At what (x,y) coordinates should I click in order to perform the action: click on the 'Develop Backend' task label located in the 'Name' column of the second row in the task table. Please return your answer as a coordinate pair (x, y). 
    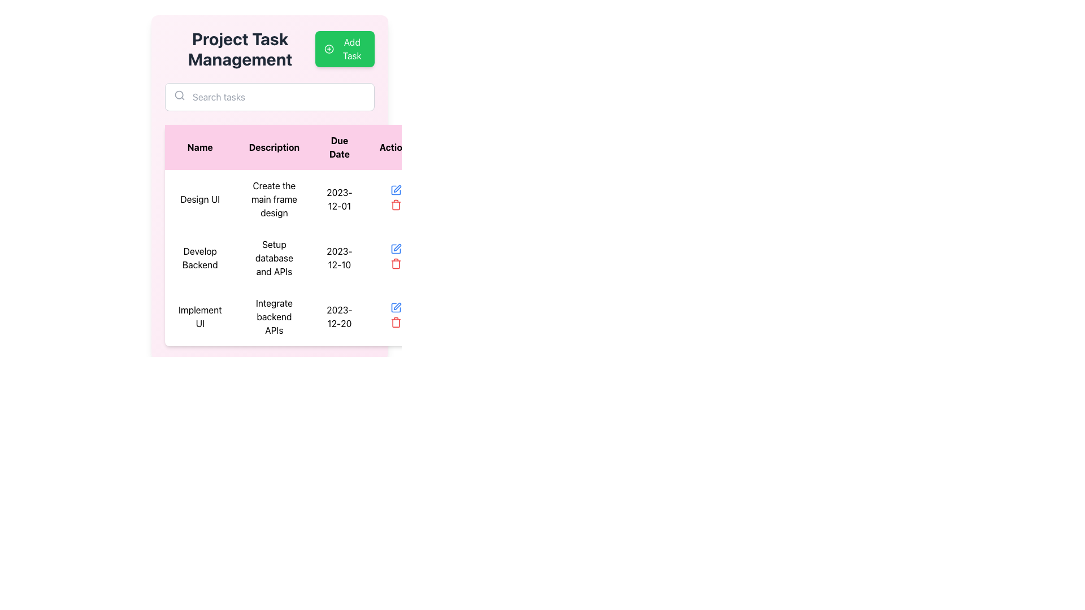
    Looking at the image, I should click on (200, 258).